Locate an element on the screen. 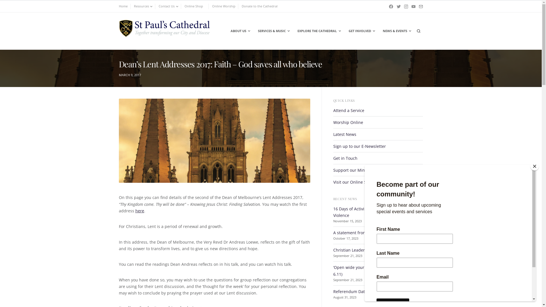 This screenshot has width=546, height=307. 'Twitter' is located at coordinates (398, 6).